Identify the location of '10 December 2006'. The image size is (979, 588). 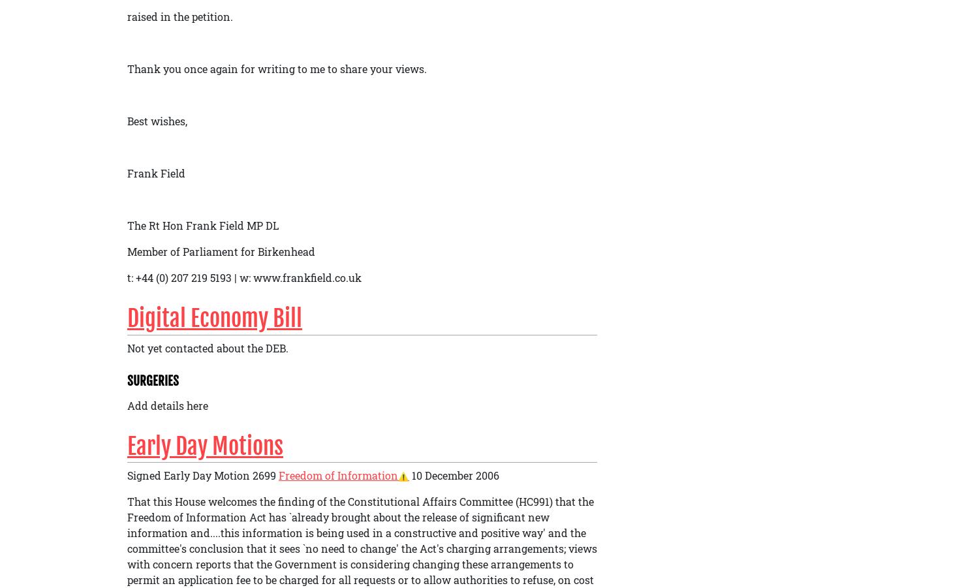
(454, 474).